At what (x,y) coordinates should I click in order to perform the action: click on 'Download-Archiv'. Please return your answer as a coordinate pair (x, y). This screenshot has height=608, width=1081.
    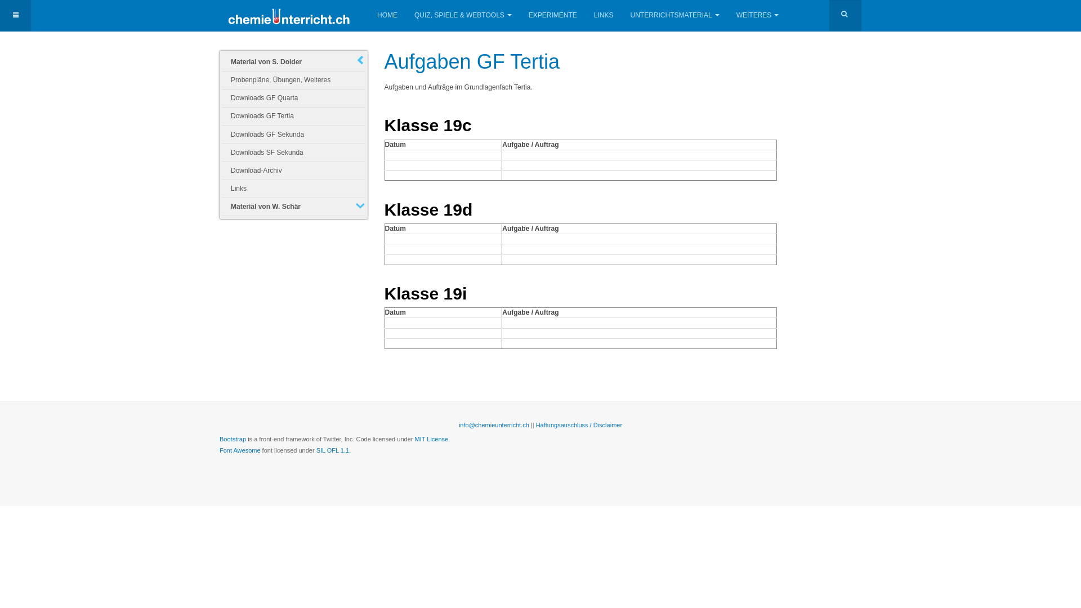
    Looking at the image, I should click on (293, 171).